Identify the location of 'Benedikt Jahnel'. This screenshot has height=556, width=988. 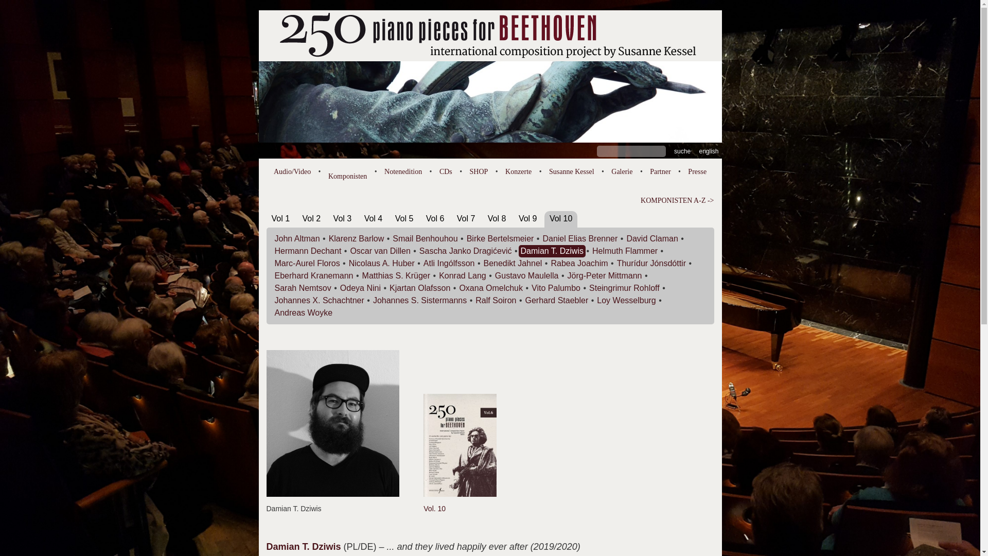
(513, 263).